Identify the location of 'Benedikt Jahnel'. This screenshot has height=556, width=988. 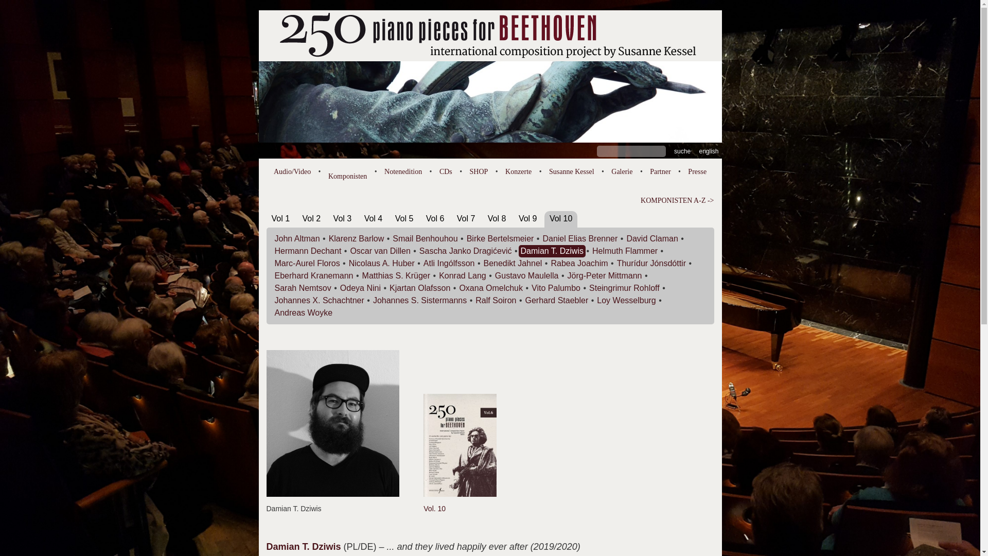
(513, 263).